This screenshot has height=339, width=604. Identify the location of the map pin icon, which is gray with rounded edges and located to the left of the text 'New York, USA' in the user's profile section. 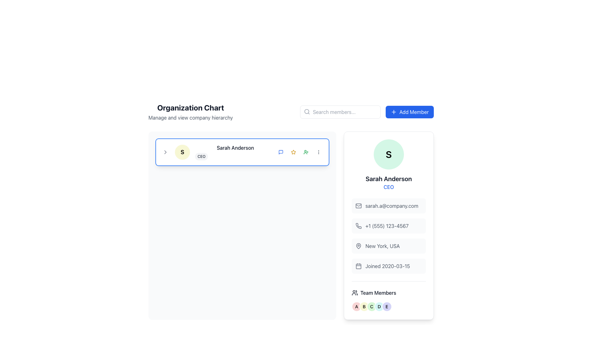
(358, 245).